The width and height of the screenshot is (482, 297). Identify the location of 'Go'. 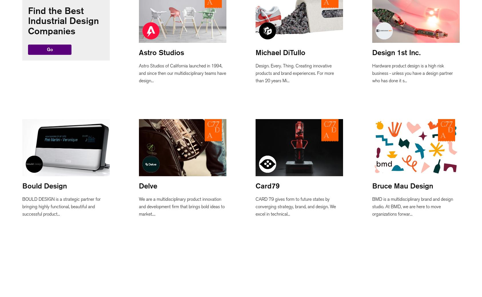
(49, 49).